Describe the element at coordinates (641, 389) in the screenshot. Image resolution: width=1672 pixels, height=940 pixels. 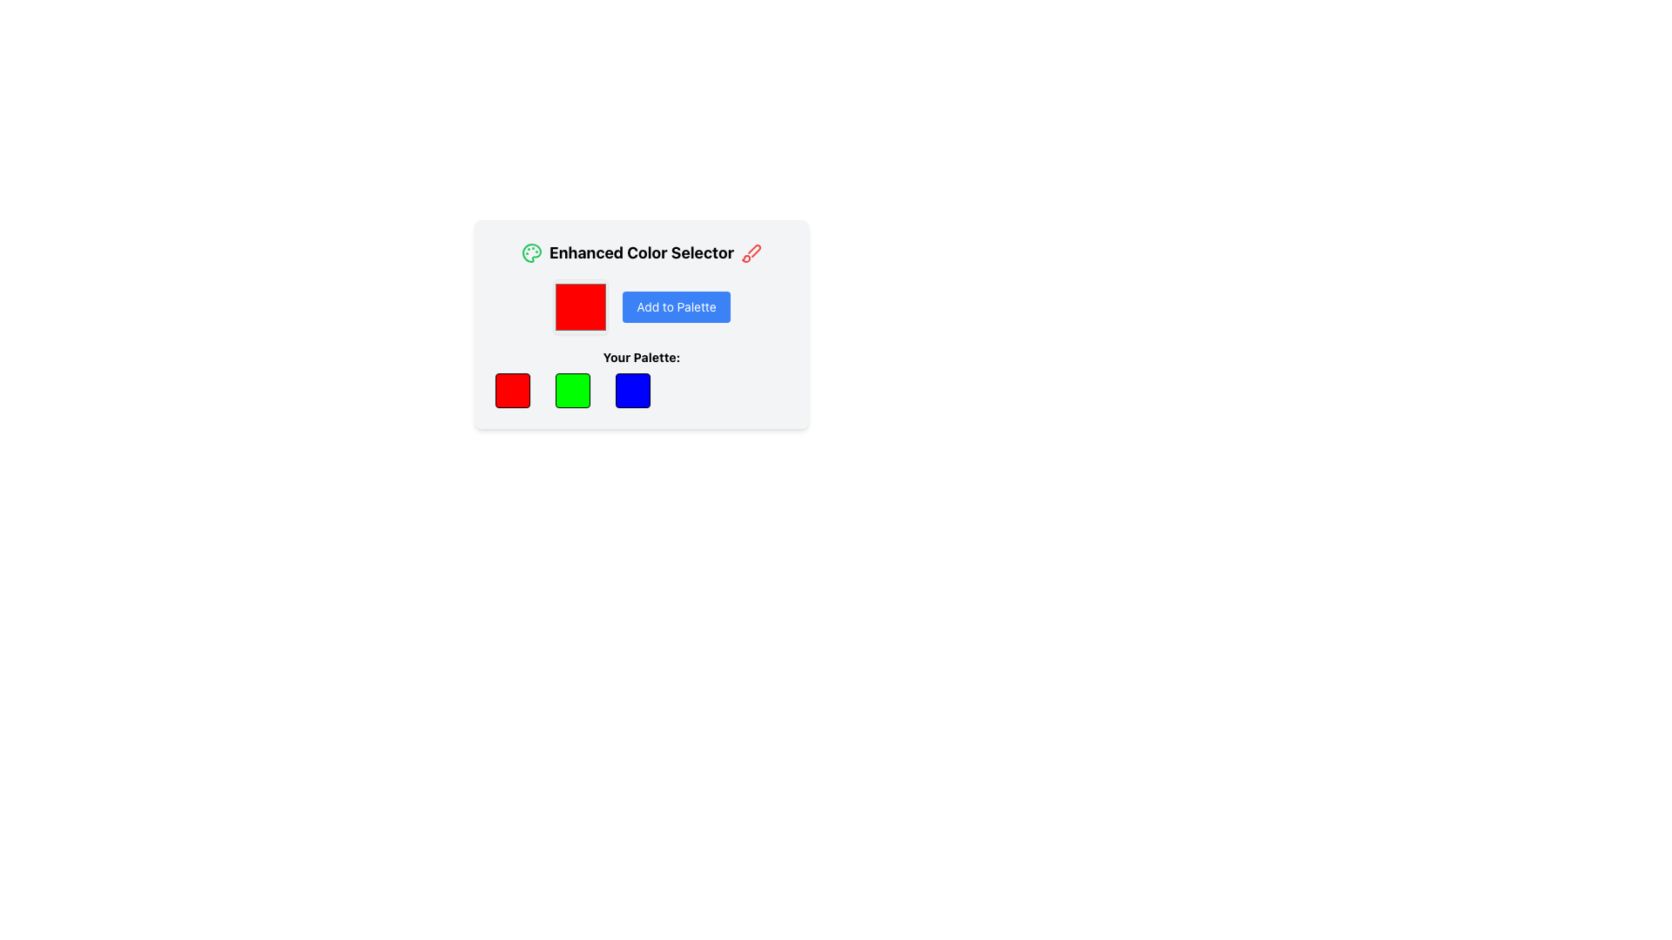
I see `the third square color box in the 'Your Palette:' section, which is colored blue` at that location.